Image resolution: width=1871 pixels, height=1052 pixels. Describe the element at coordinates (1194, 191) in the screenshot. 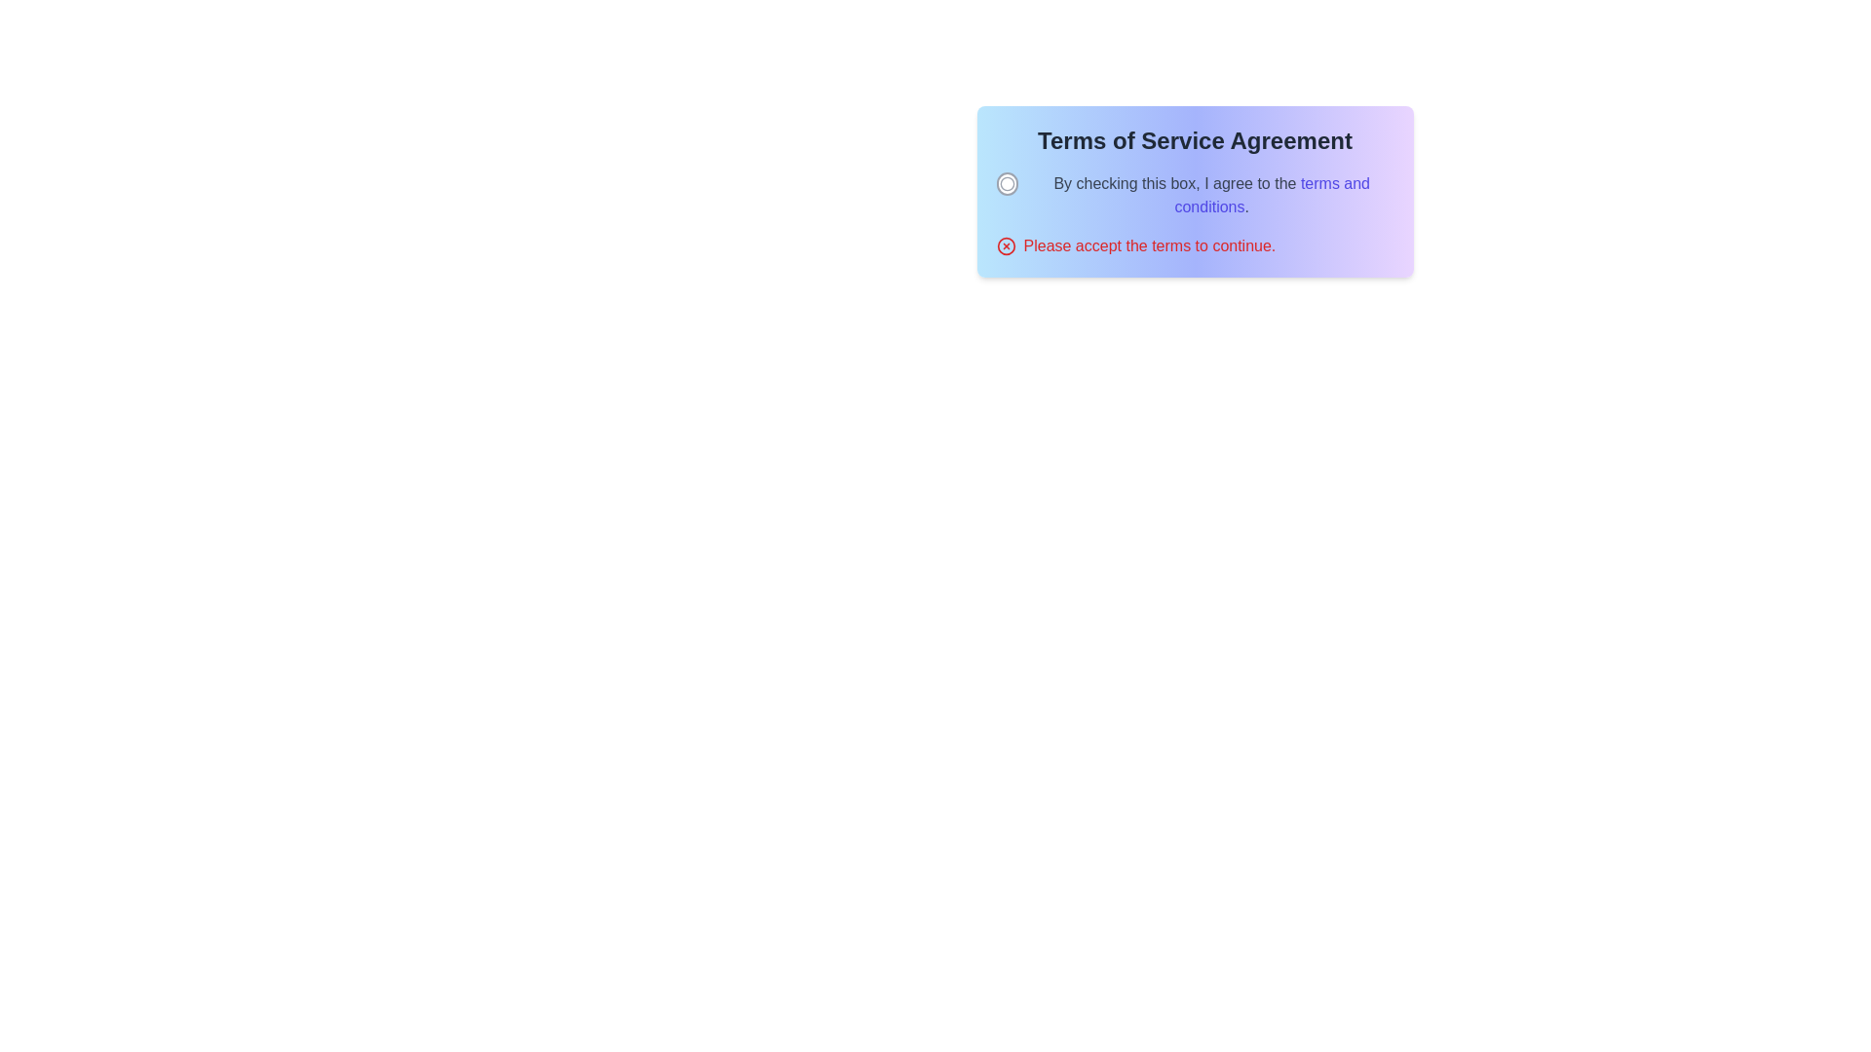

I see `Terms of Service Agreement presented in the Information and interaction panel, which includes a checkbox for confirming agreement` at that location.